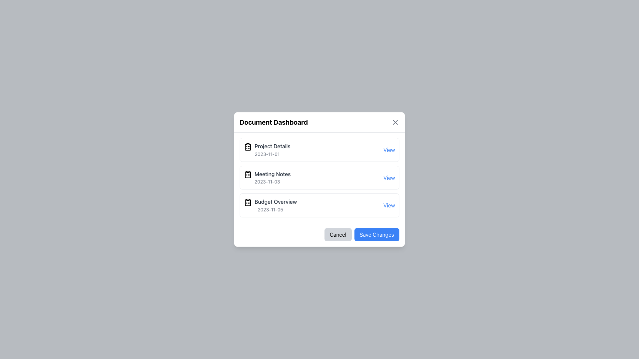 This screenshot has height=359, width=639. Describe the element at coordinates (267, 182) in the screenshot. I see `timestamp or date indication text for the 'Meeting Notes' entry, which is the second item in the list, positioned below its title and to the left of the 'View' button` at that location.